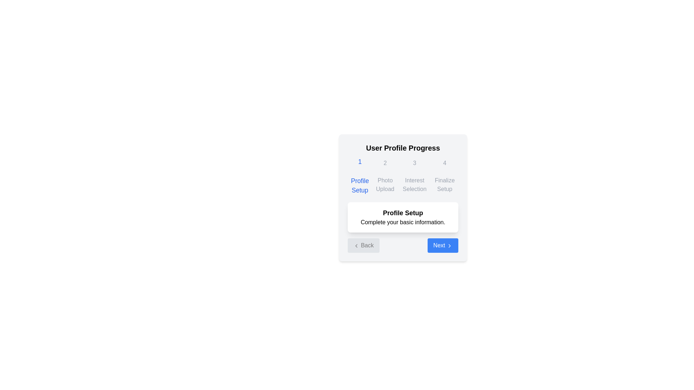 The image size is (694, 390). Describe the element at coordinates (360, 185) in the screenshot. I see `the descriptive text label indicating the first step of the user profile progress setup, located below the number '1' in the top left corner of the modal interface` at that location.